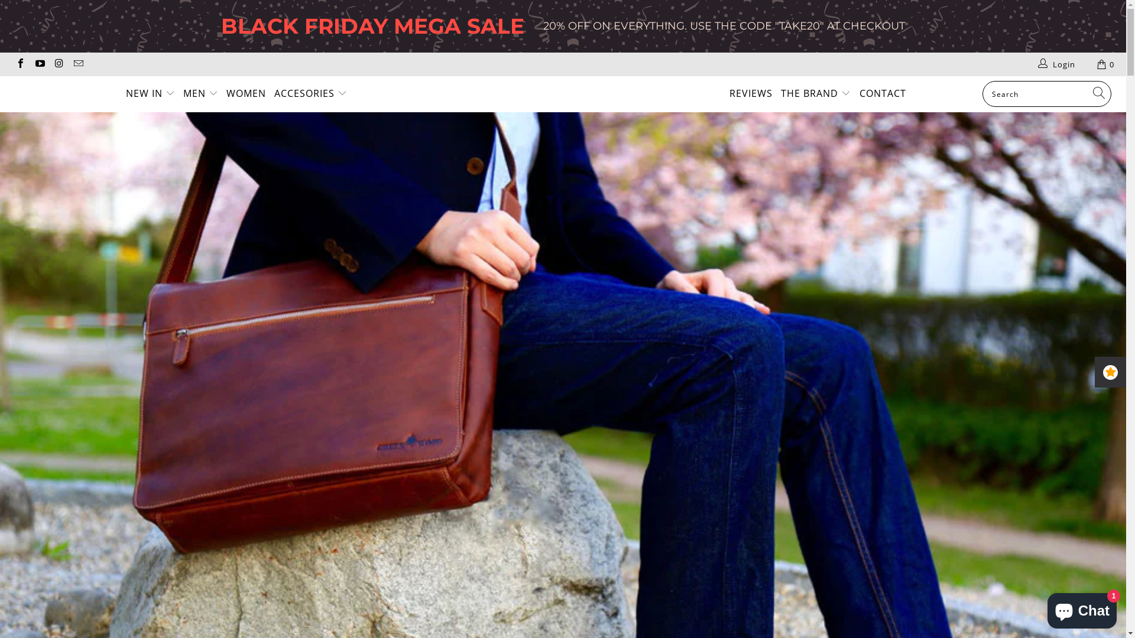 This screenshot has width=1135, height=638. What do you see at coordinates (245, 93) in the screenshot?
I see `'WOMEN'` at bounding box center [245, 93].